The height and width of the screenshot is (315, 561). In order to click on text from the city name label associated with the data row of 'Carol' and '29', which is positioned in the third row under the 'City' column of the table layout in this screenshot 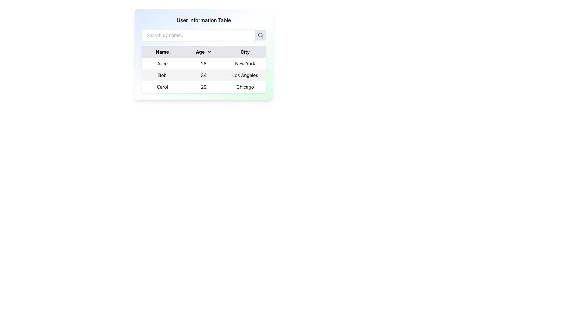, I will do `click(245, 87)`.